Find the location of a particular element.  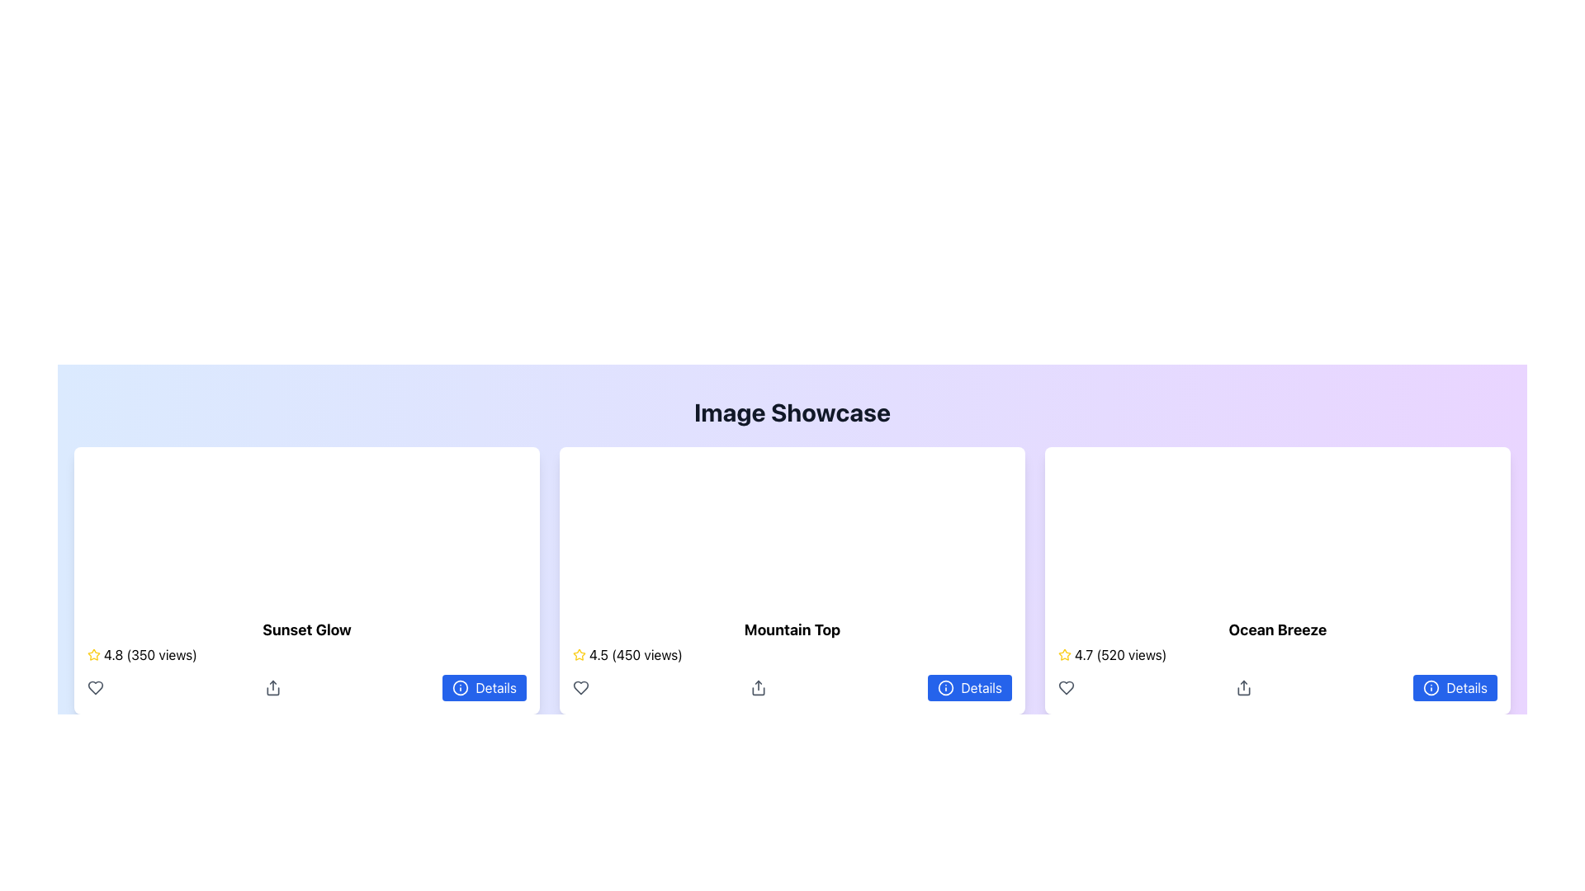

the star icon representing the rating system located below the text 'Image Showcase' to interact with the rating system is located at coordinates (93, 654).